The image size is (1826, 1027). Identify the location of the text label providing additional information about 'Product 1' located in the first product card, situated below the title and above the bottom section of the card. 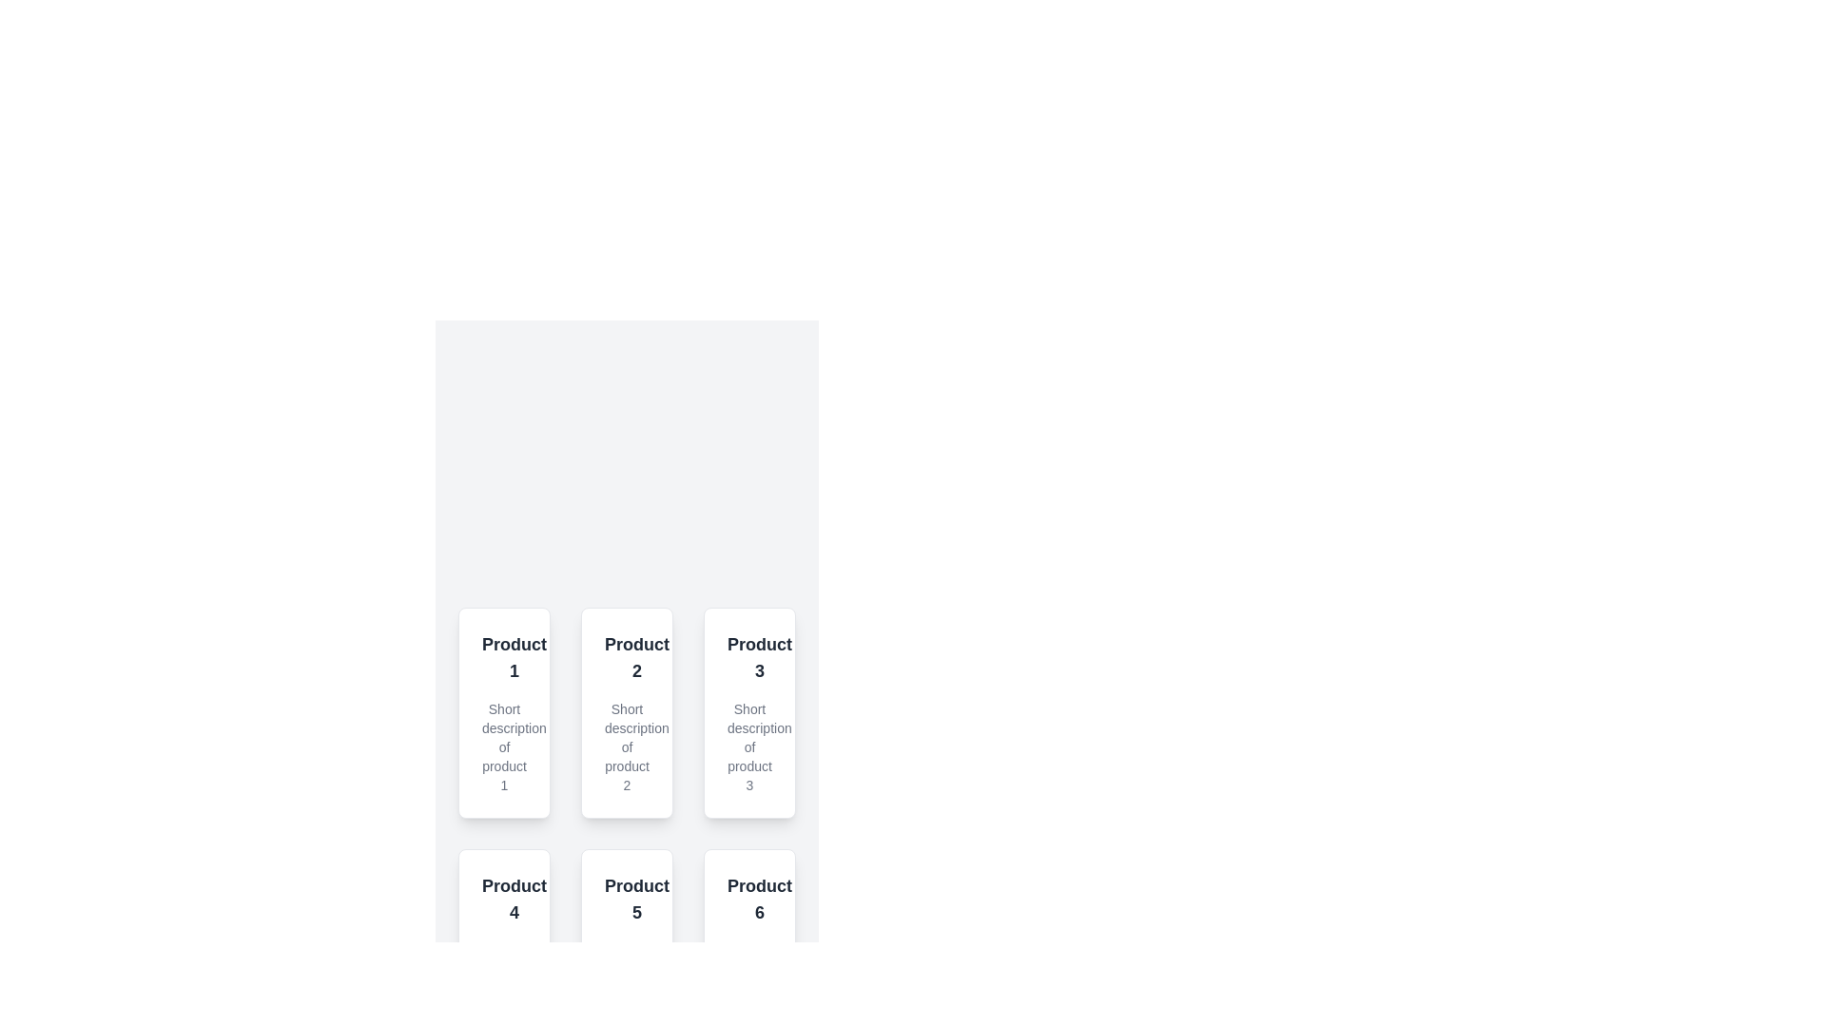
(504, 746).